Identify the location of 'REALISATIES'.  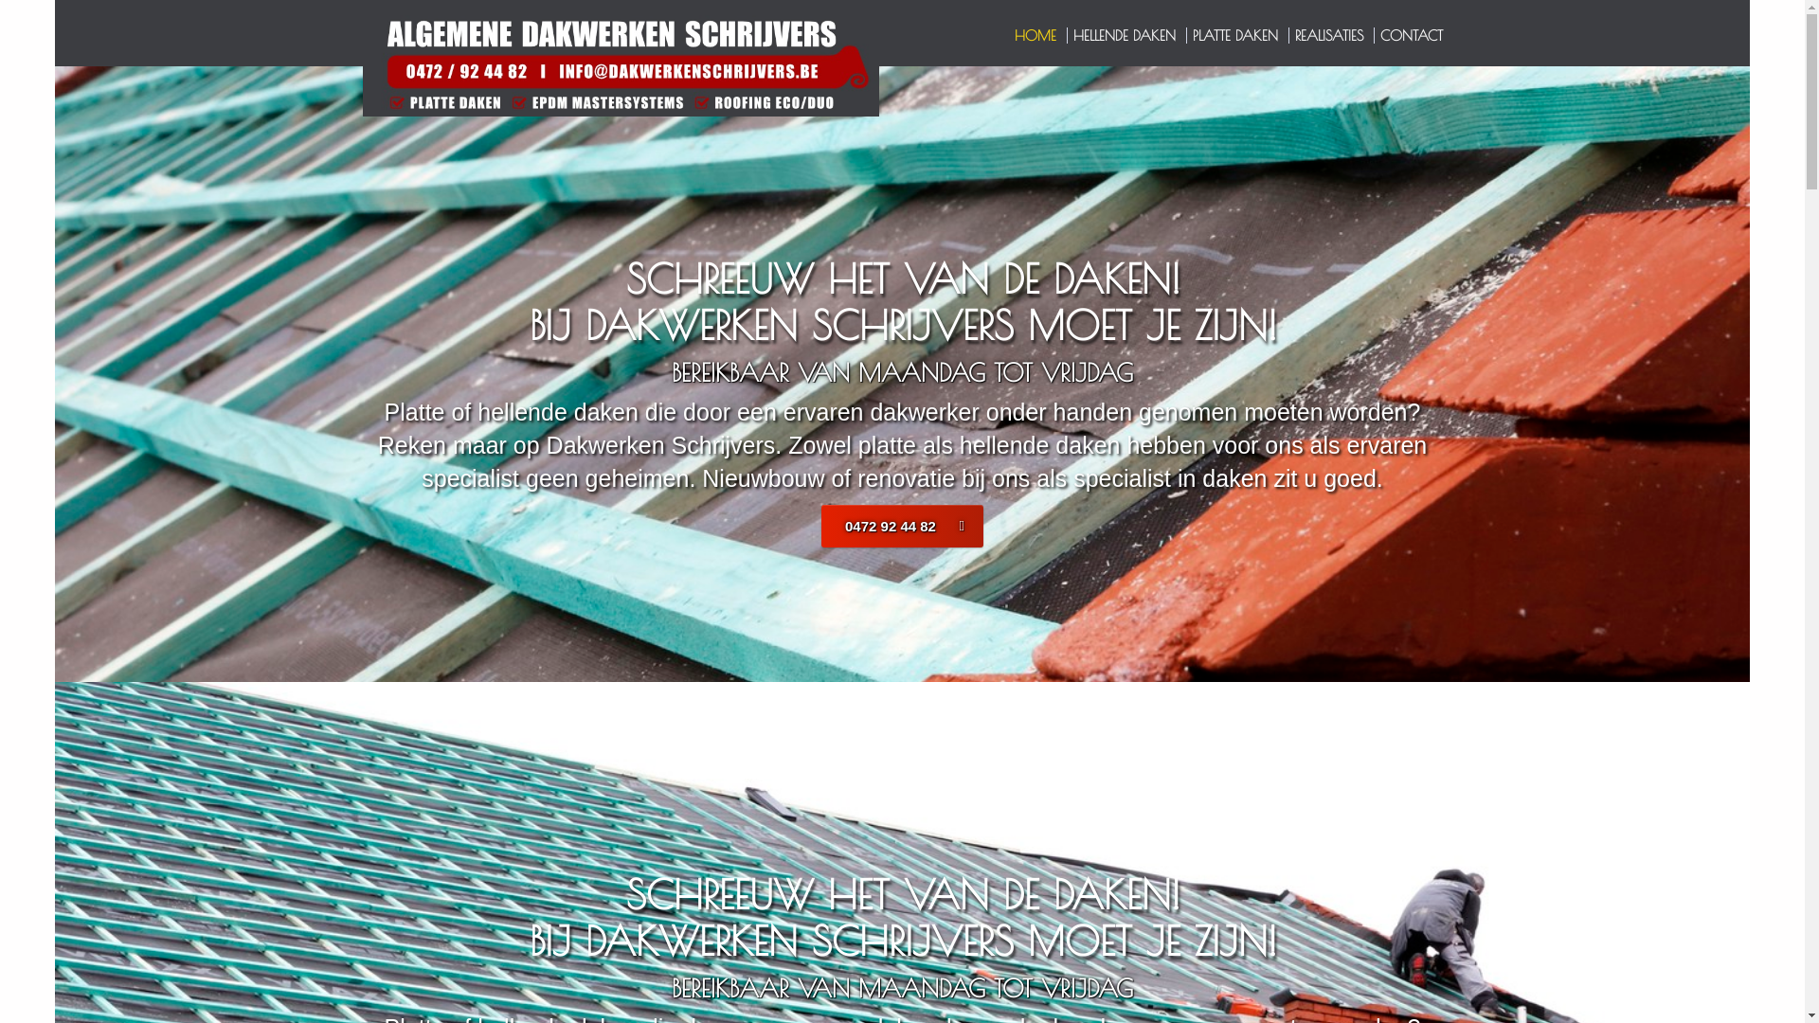
(1329, 35).